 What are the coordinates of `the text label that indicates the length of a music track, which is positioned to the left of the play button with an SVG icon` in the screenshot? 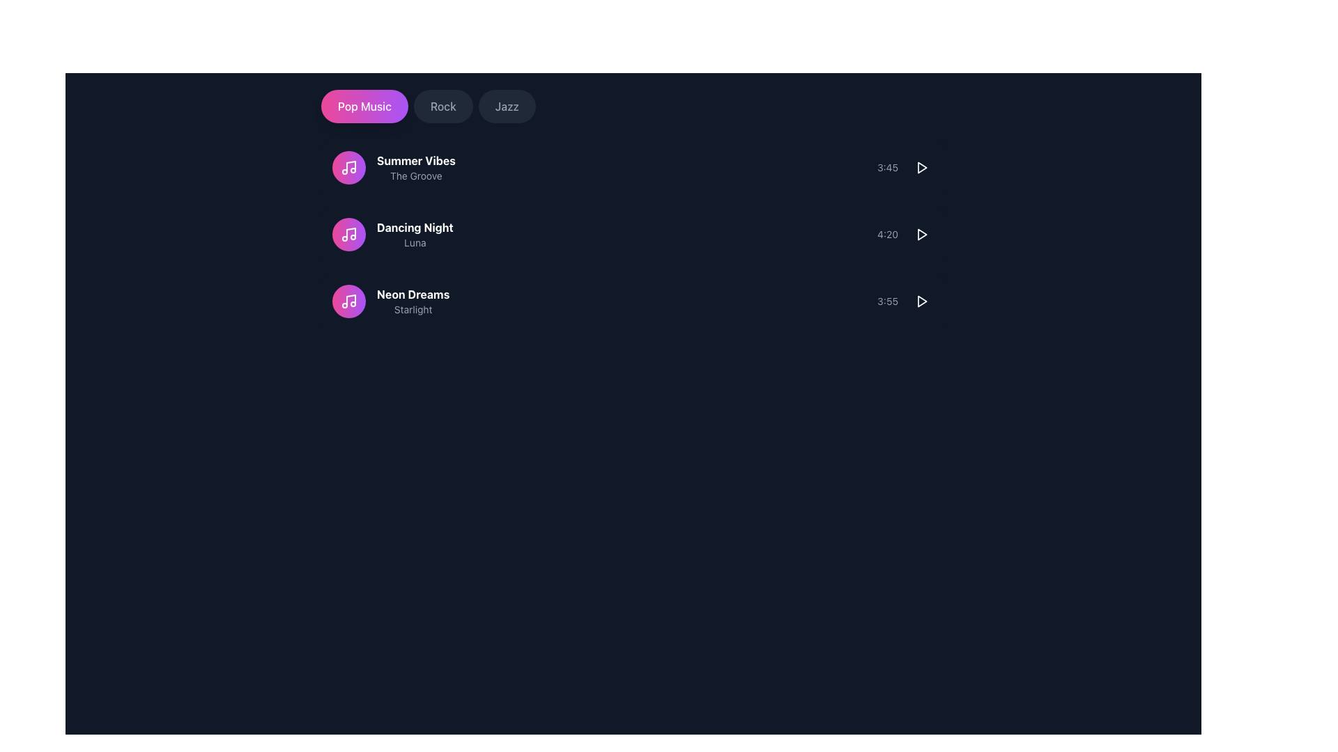 It's located at (887, 300).